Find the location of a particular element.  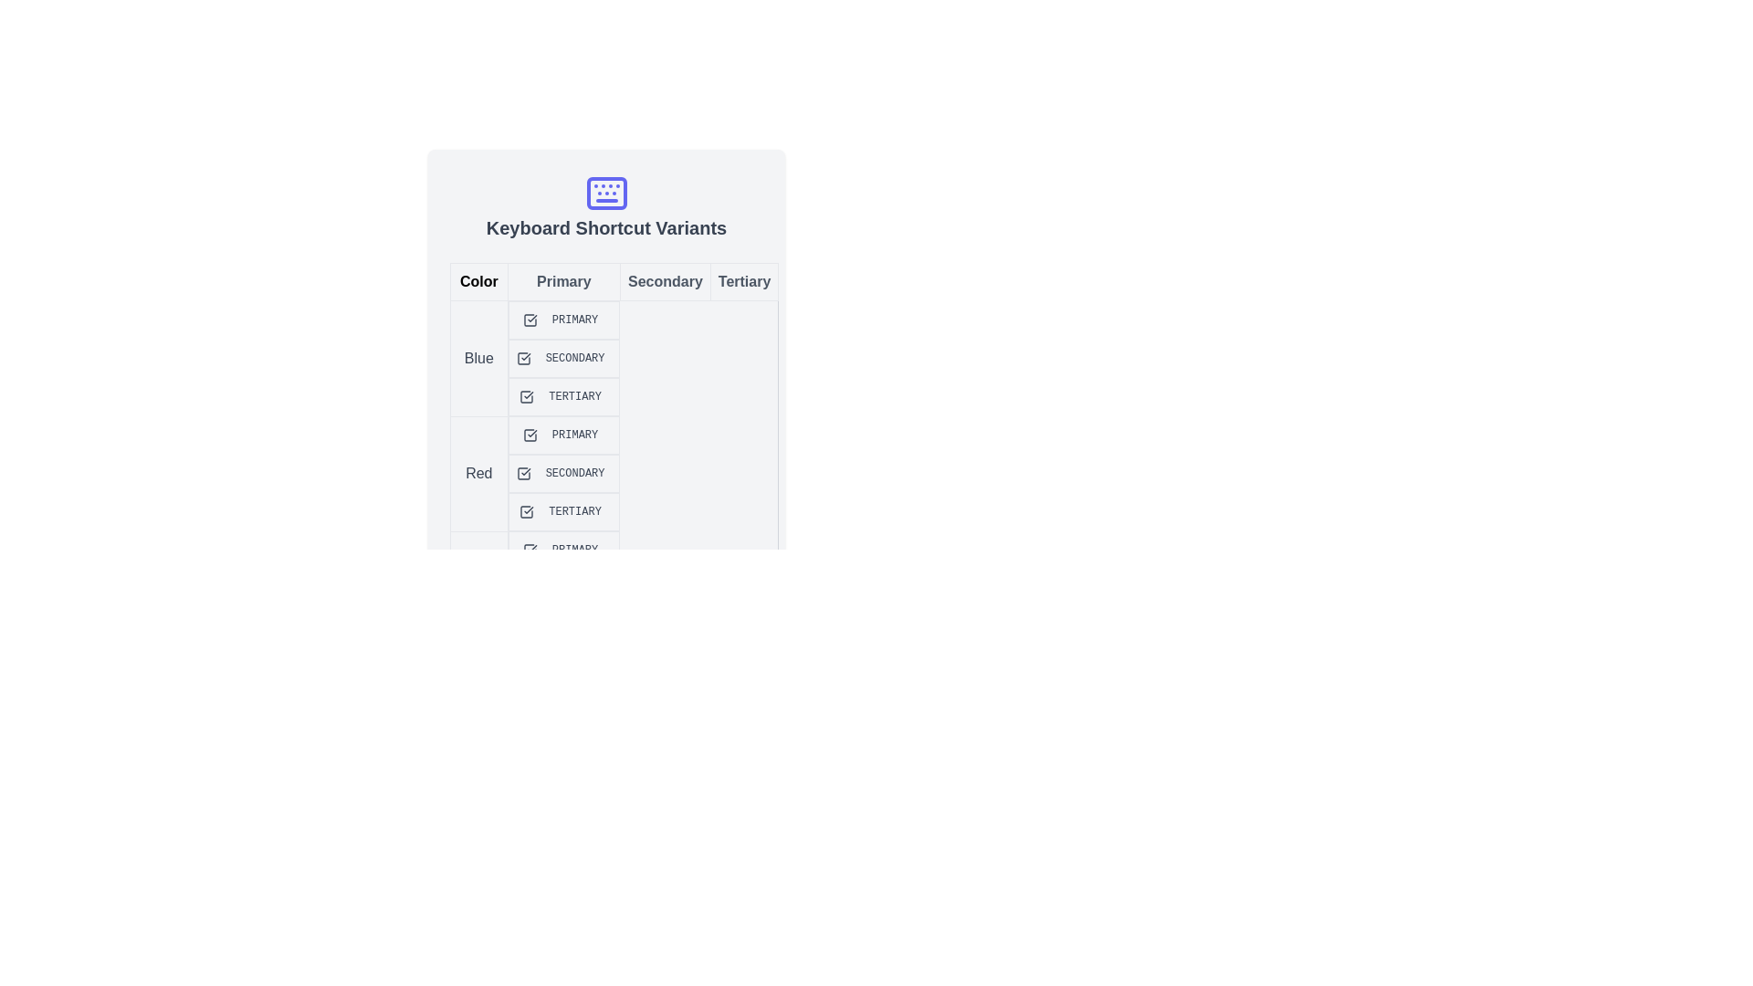

the checkbox-like interactive icon located in the first row of the 'Blue' category under the 'Primary' header in the table is located at coordinates (529, 320).